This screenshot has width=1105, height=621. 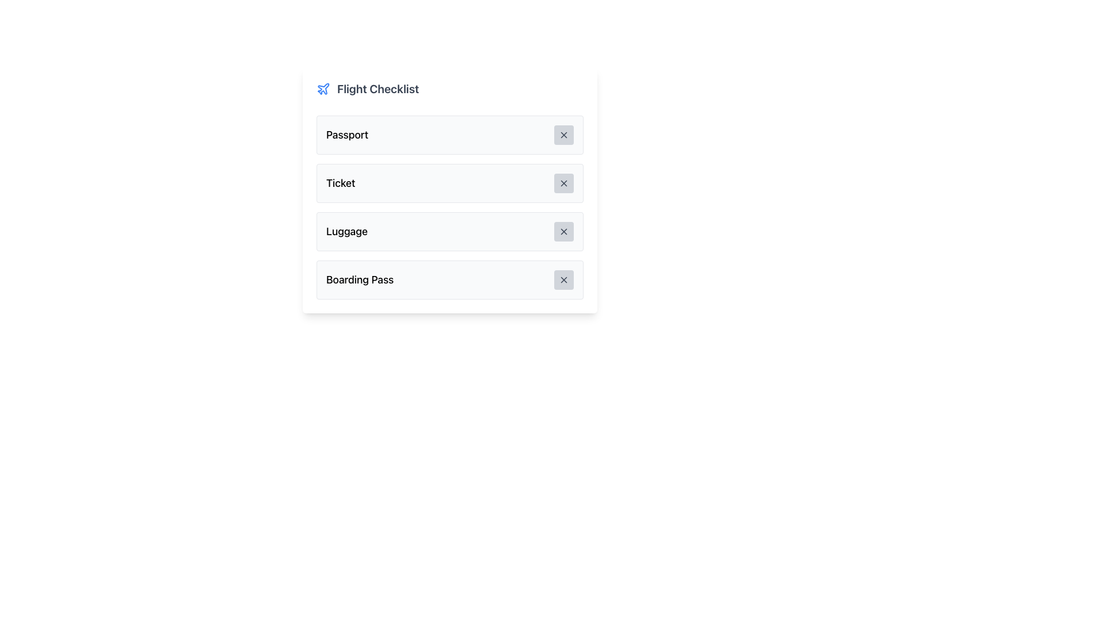 What do you see at coordinates (563, 135) in the screenshot?
I see `the cancel or delete icon located within the first item's button in the 'Flight Checklist' list, adjacent to the 'Passport' item text` at bounding box center [563, 135].